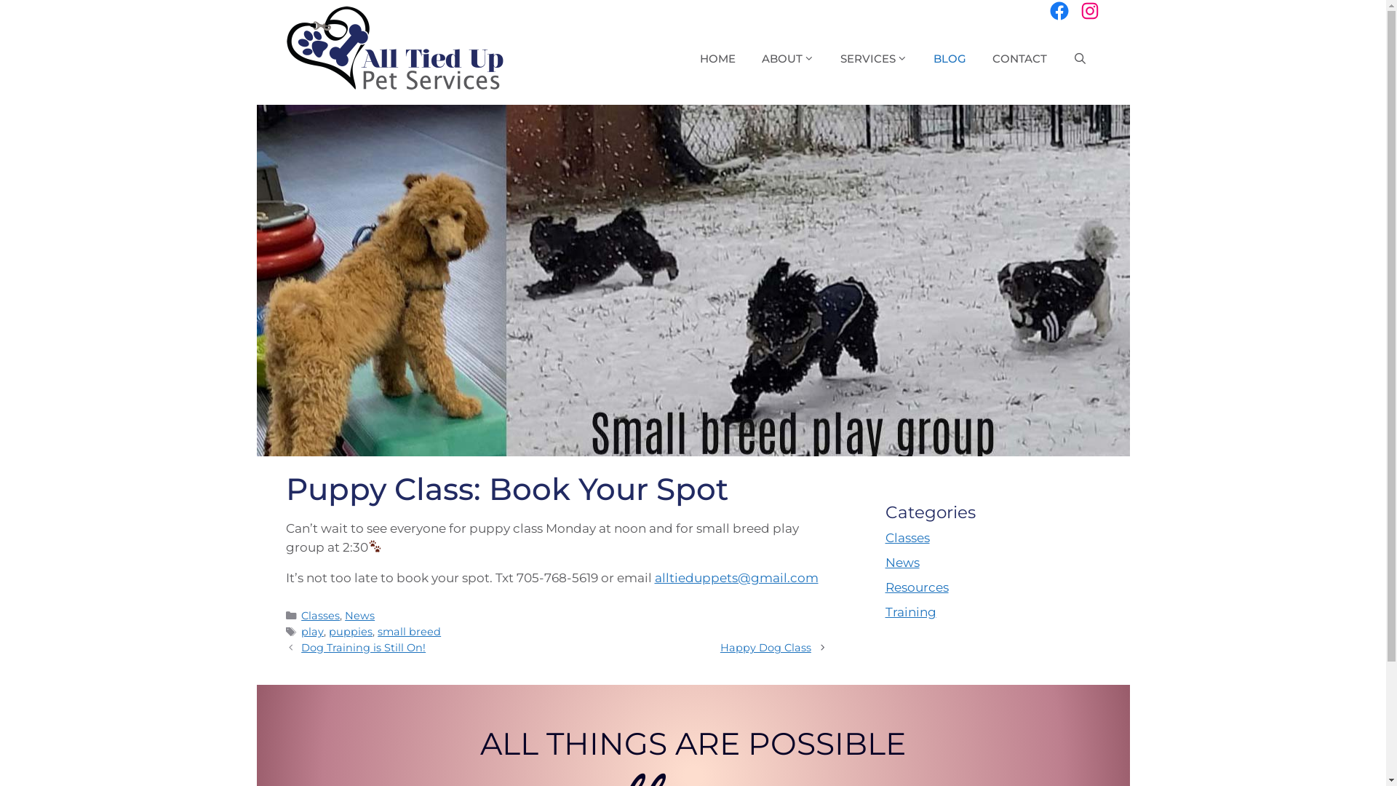  I want to click on 'BLOG', so click(950, 58).